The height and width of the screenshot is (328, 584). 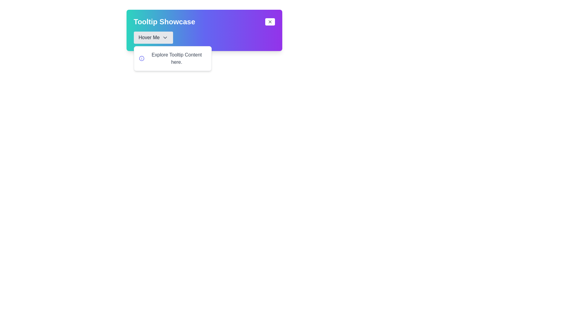 What do you see at coordinates (204, 37) in the screenshot?
I see `the 'Hover Me' button in the Interactive Button Group located under the 'Tooltip Showcase' title` at bounding box center [204, 37].